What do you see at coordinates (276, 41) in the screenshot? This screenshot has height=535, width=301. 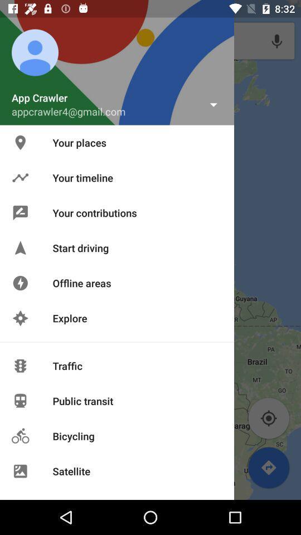 I see `voice search symbol` at bounding box center [276, 41].